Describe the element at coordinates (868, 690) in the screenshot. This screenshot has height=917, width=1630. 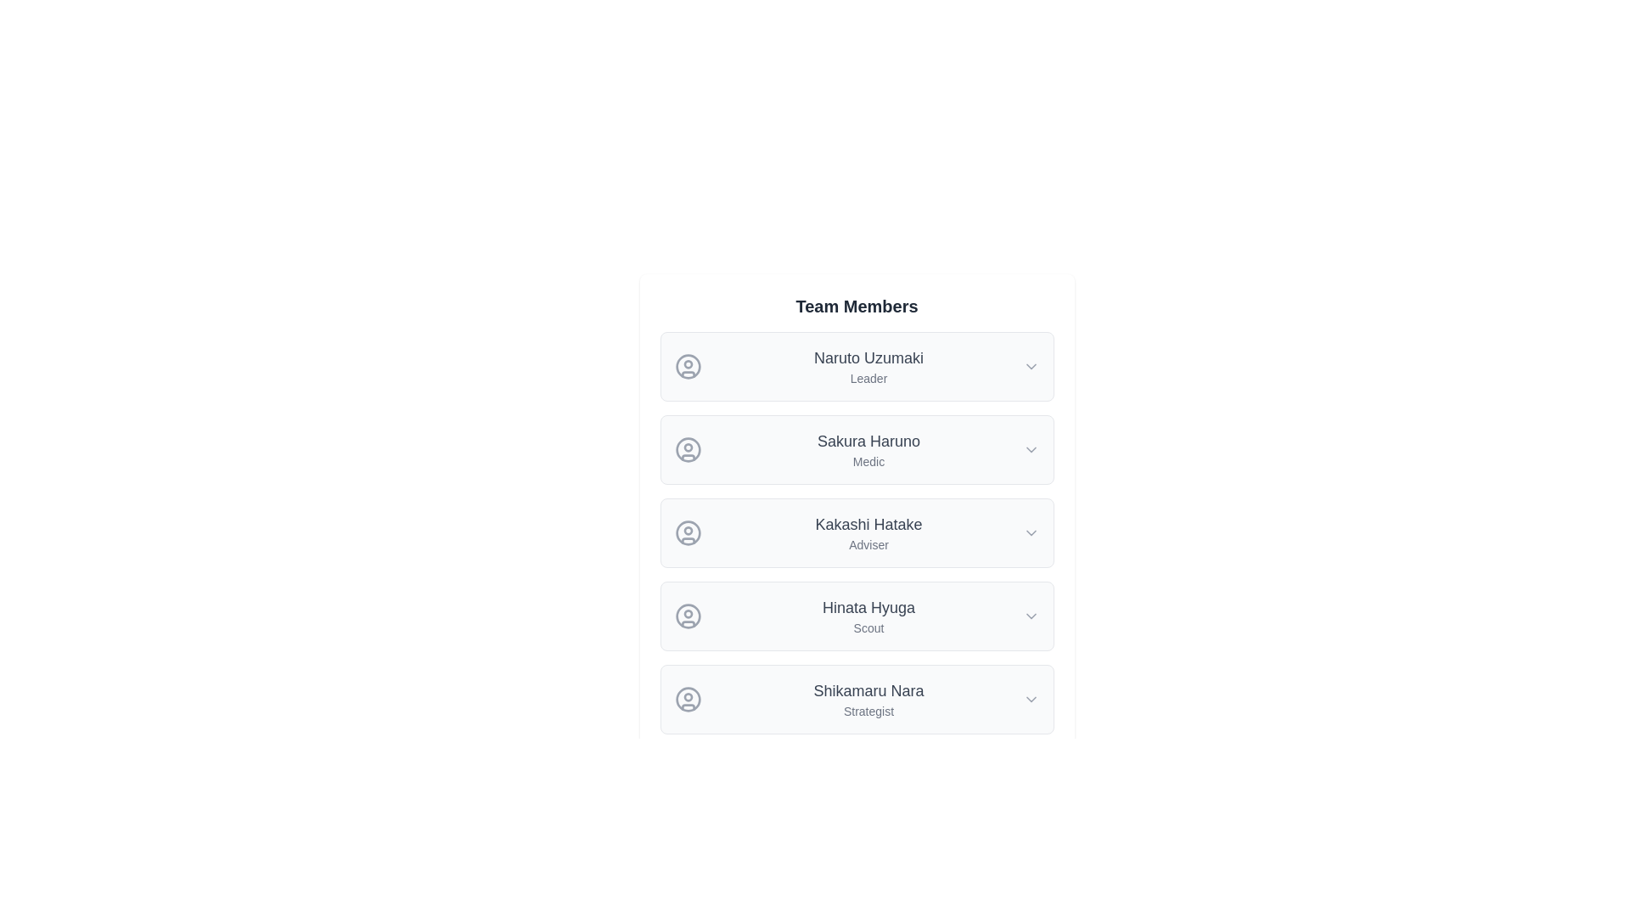
I see `the static text label displaying 'Shikamaru Nara', which is styled in a larger, bold font and located in the 'Team Members' list above the designation 'Strategist'` at that location.